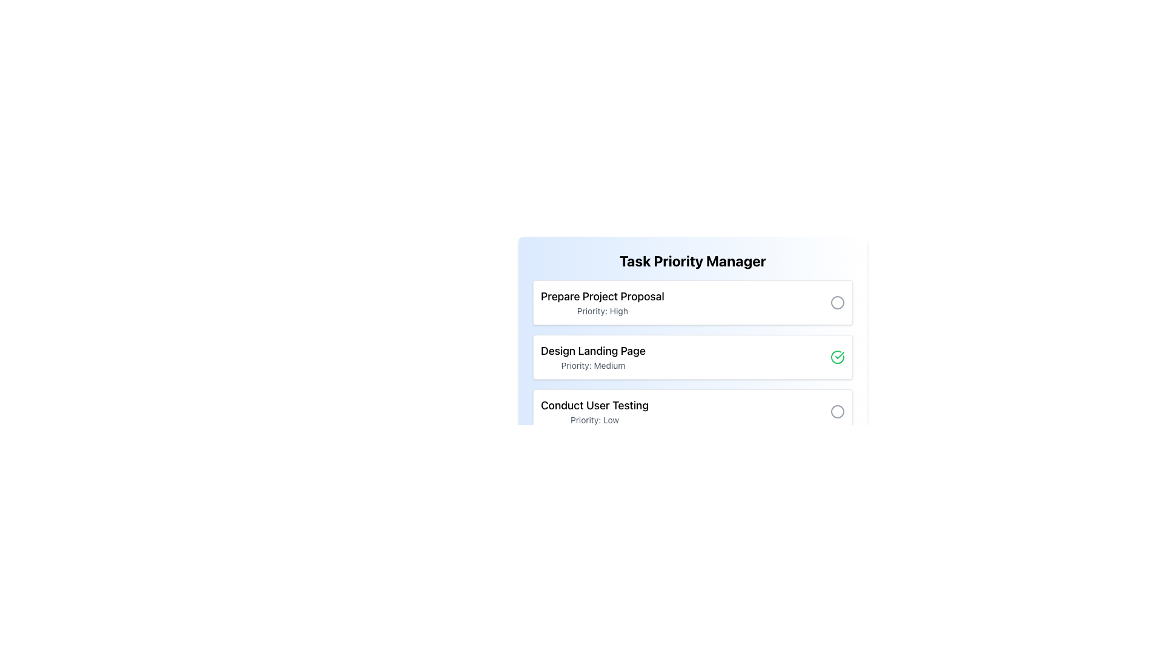  I want to click on the 'Task Priority Manager' static text header element, which is bold and prominently displayed at the top of a light-colored gradient background, so click(692, 260).